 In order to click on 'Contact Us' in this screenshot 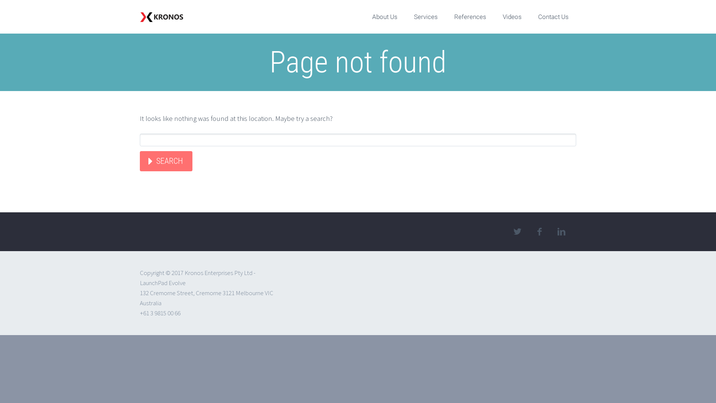, I will do `click(553, 17)`.